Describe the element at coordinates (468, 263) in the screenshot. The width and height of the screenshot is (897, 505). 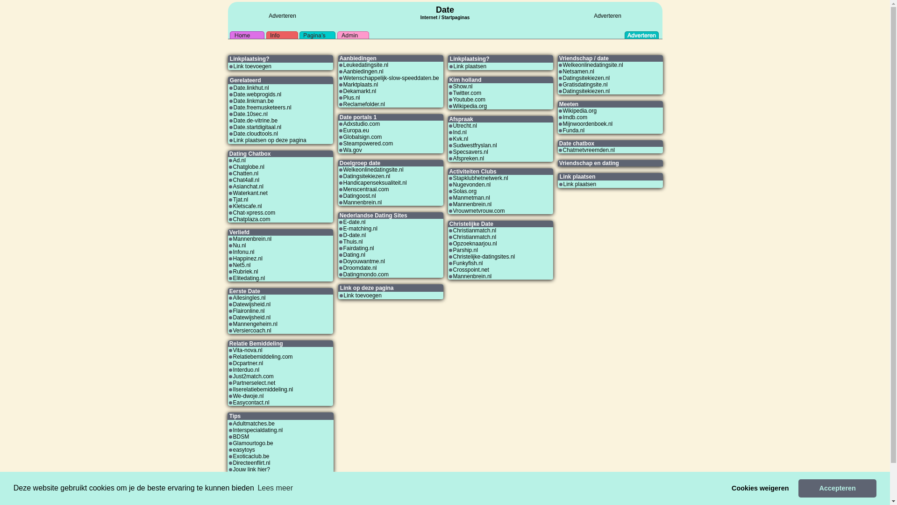
I see `'Funkyfish.nl'` at that location.